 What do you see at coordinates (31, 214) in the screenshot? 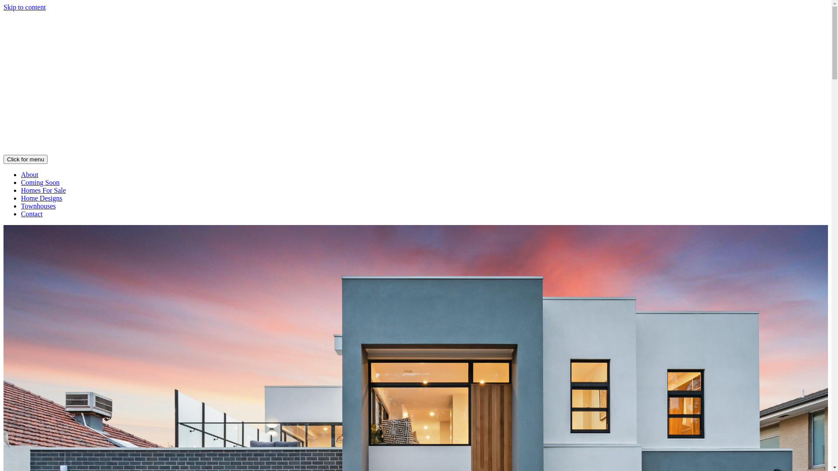
I see `'Contact'` at bounding box center [31, 214].